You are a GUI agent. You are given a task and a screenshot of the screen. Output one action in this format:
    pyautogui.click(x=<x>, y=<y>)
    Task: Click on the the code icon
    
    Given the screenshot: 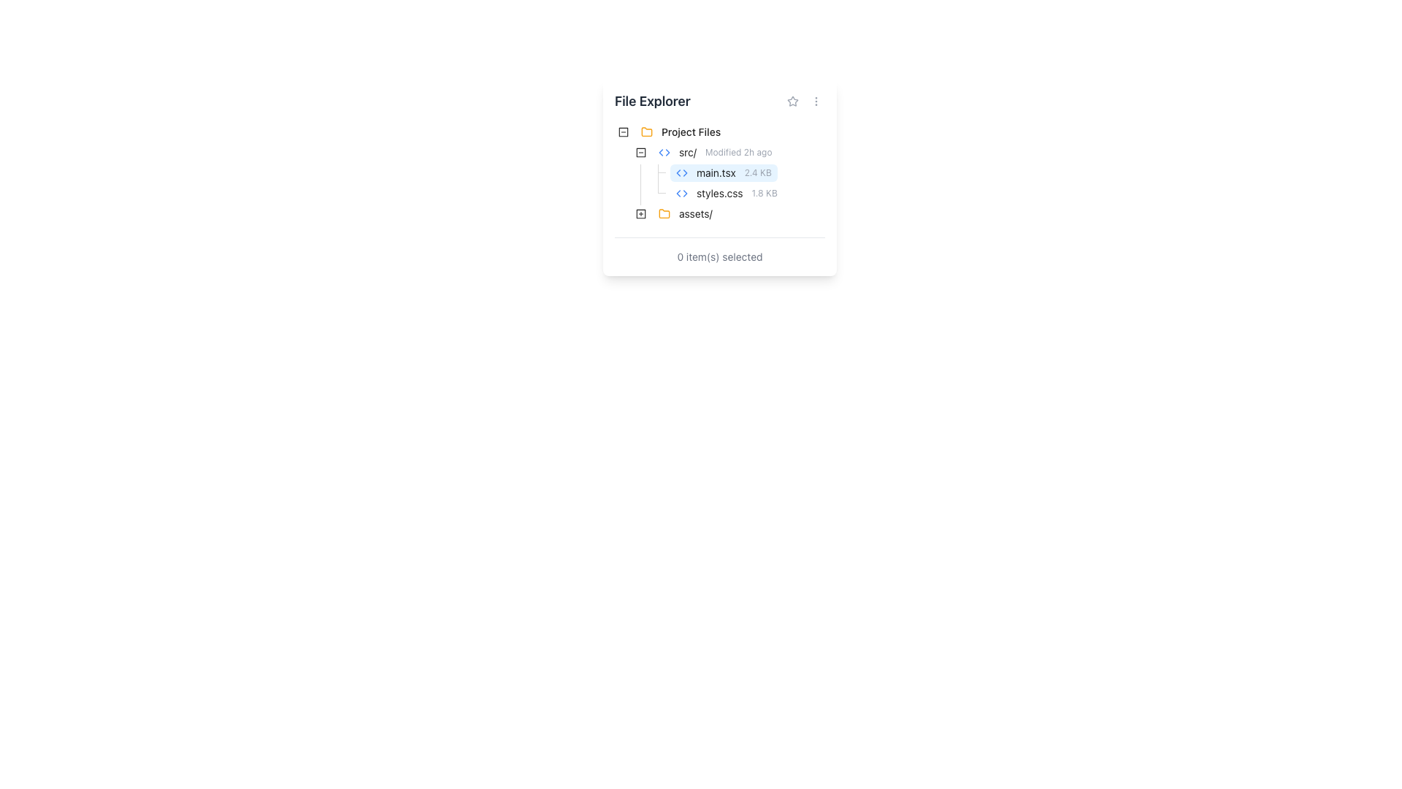 What is the action you would take?
    pyautogui.click(x=664, y=152)
    